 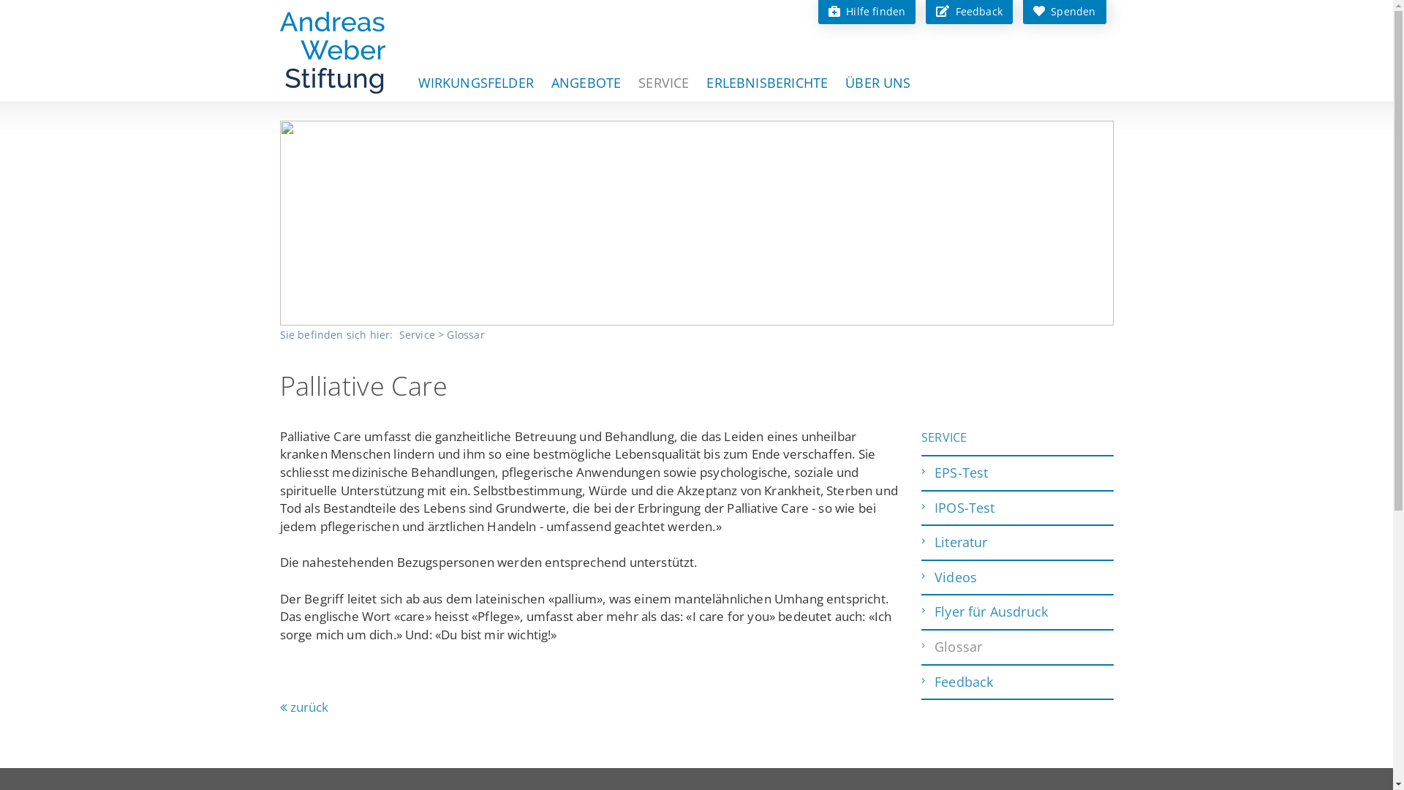 What do you see at coordinates (1064, 10) in the screenshot?
I see `'Spenden'` at bounding box center [1064, 10].